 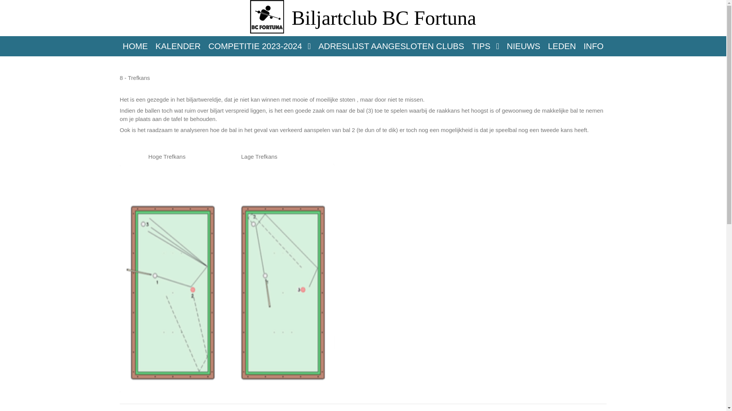 What do you see at coordinates (267, 16) in the screenshot?
I see `'BC Fortuna'` at bounding box center [267, 16].